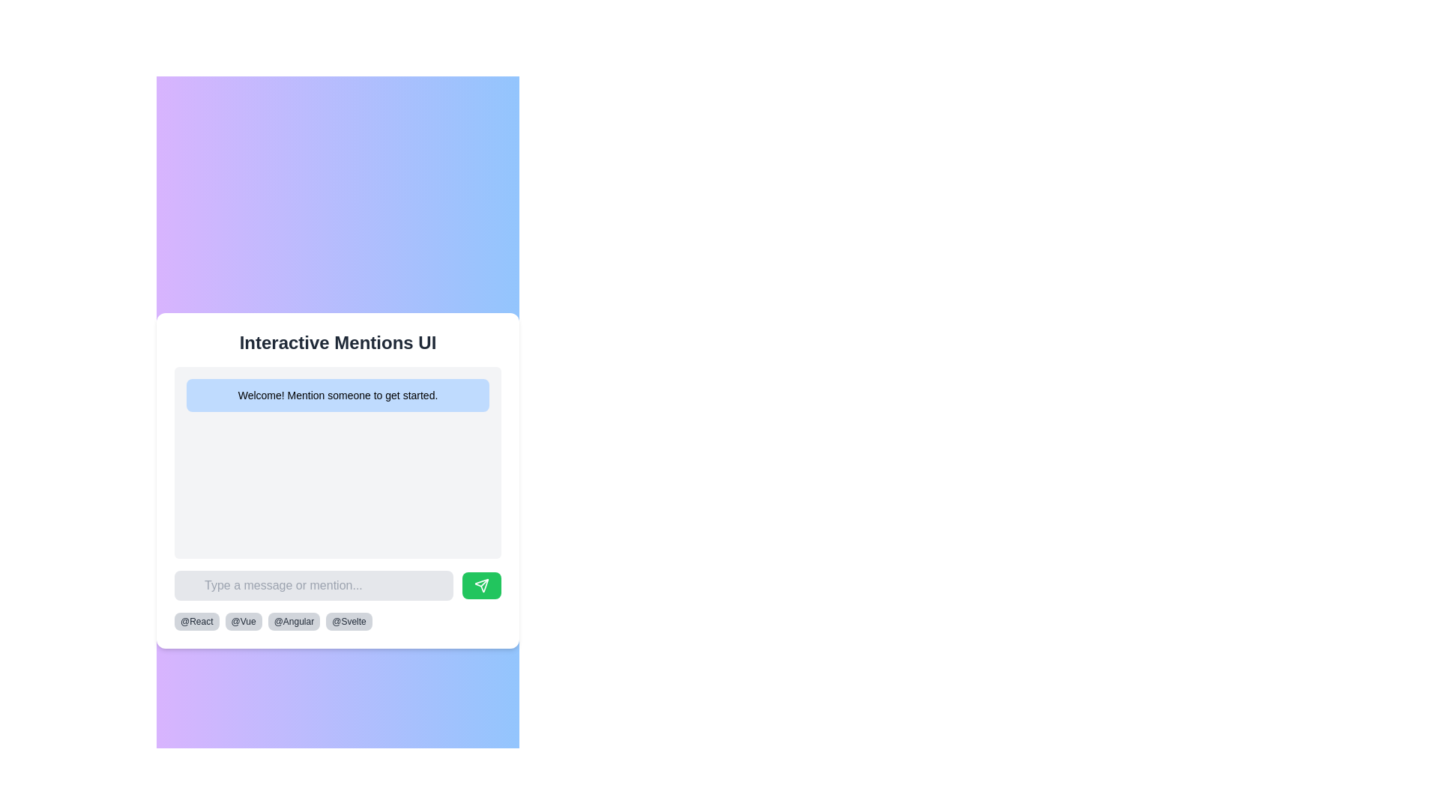 This screenshot has height=809, width=1439. Describe the element at coordinates (244, 621) in the screenshot. I see `the second button-like tag labeled '@Vue'` at that location.